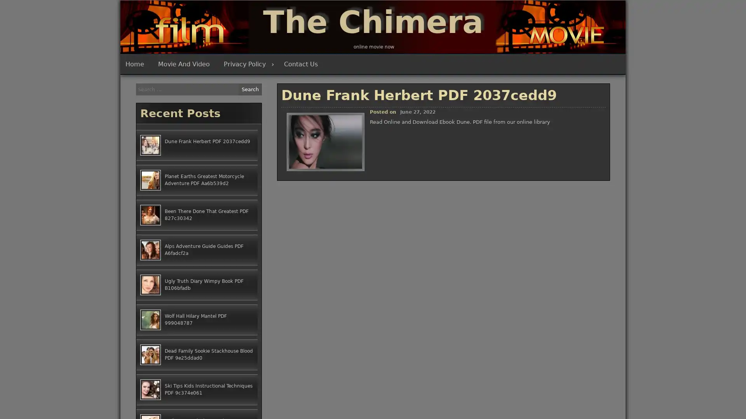 Image resolution: width=746 pixels, height=419 pixels. What do you see at coordinates (250, 89) in the screenshot?
I see `Search` at bounding box center [250, 89].